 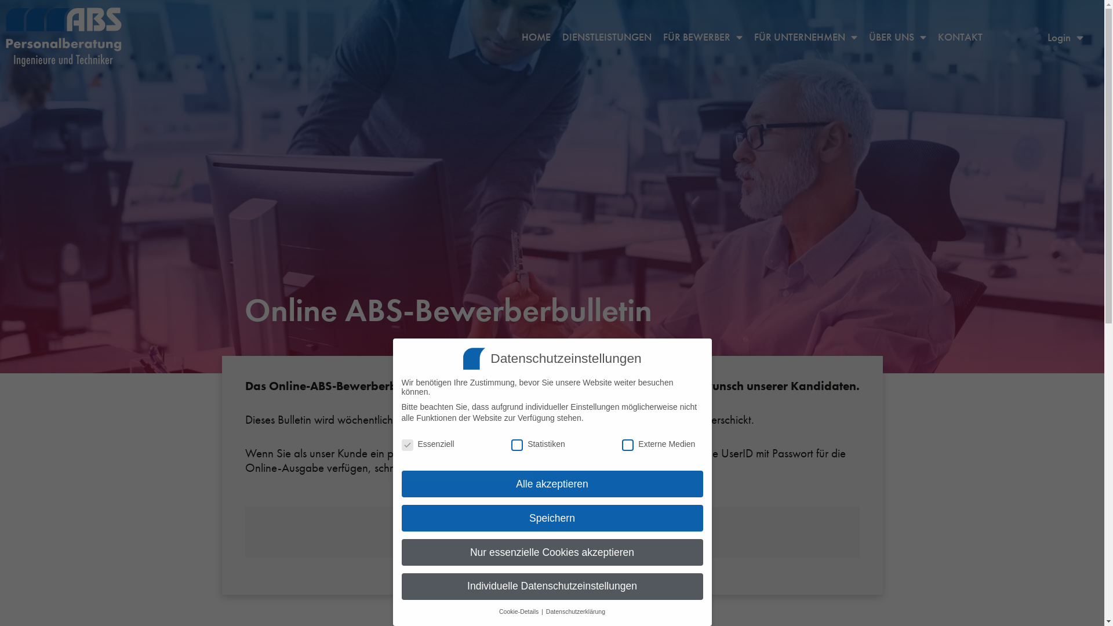 What do you see at coordinates (551, 483) in the screenshot?
I see `'Alle akzeptieren'` at bounding box center [551, 483].